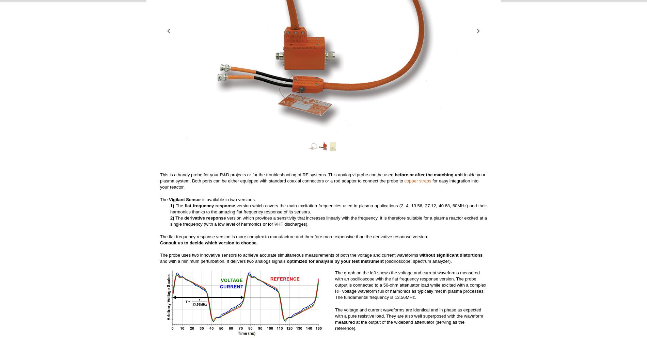 This screenshot has width=647, height=338. I want to click on 'before or after the matching unit', so click(428, 174).